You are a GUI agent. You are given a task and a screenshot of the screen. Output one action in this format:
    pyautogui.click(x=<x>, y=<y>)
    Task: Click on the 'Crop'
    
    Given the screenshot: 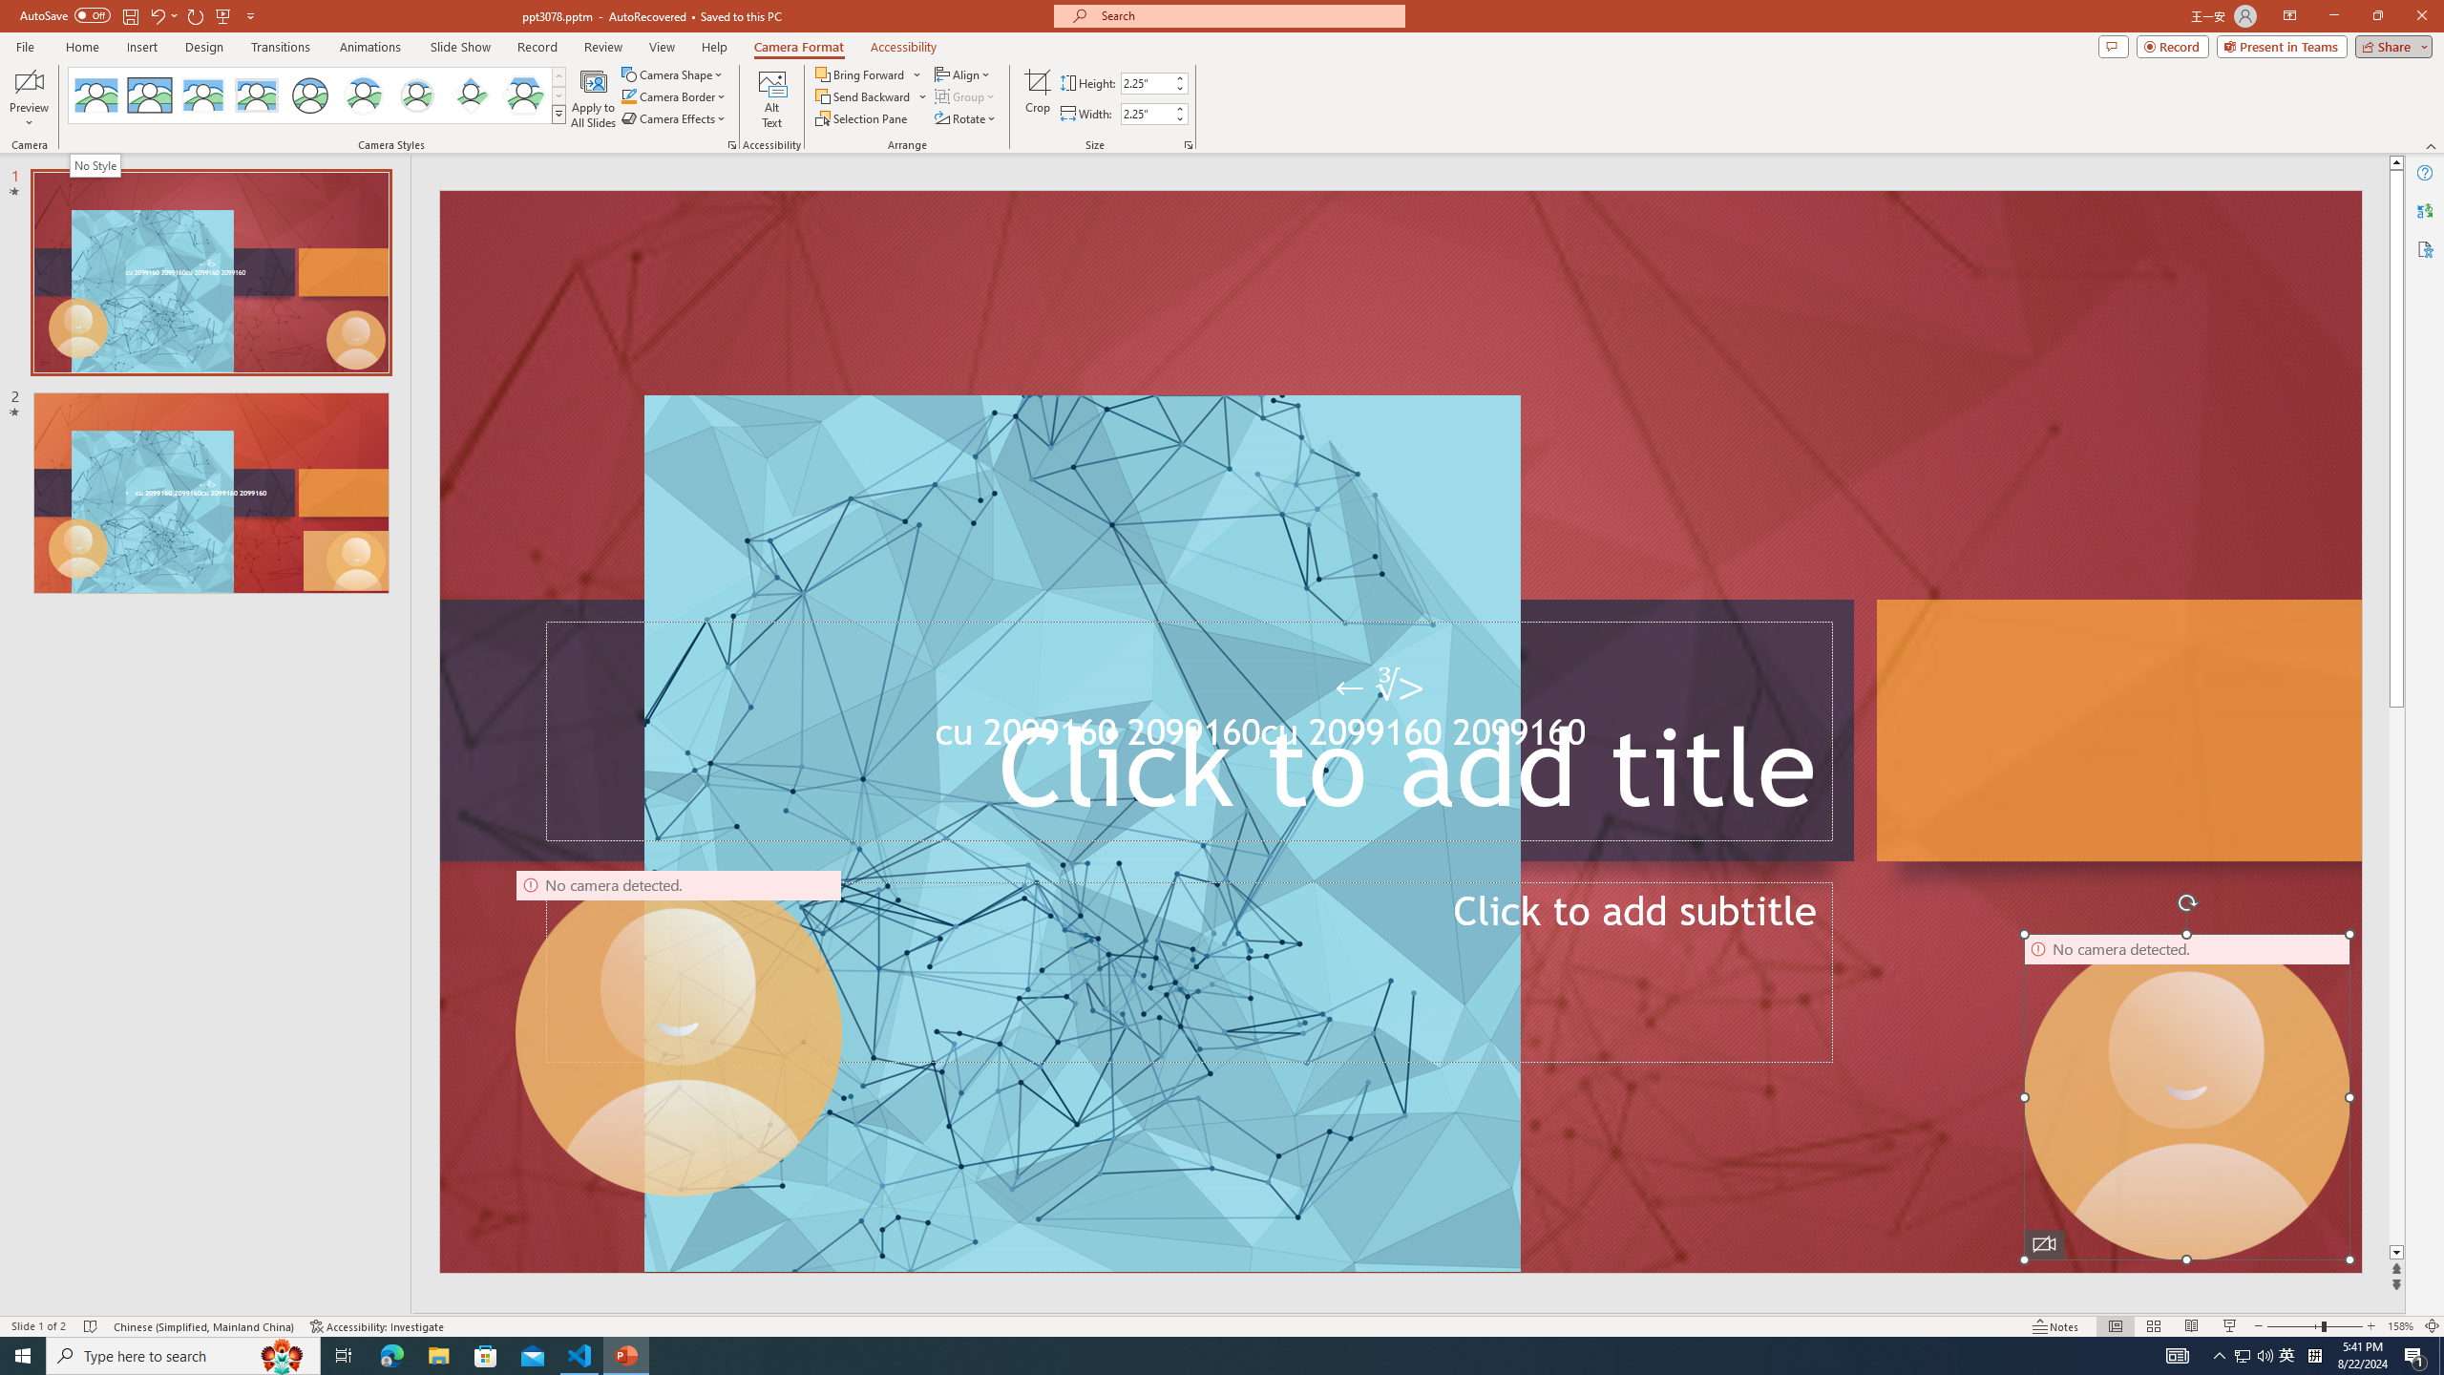 What is the action you would take?
    pyautogui.click(x=1036, y=98)
    